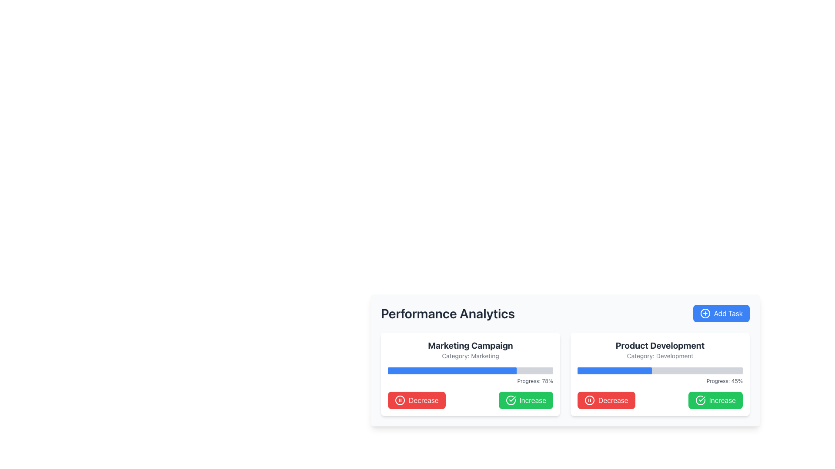 This screenshot has height=469, width=835. What do you see at coordinates (660, 400) in the screenshot?
I see `the interactive buttons at the bottom of the 'Product Development' card` at bounding box center [660, 400].